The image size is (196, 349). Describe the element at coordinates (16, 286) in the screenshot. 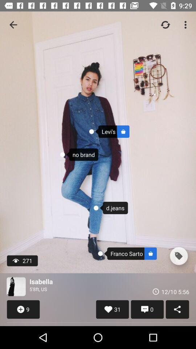

I see `the icon above the 9 icon` at that location.